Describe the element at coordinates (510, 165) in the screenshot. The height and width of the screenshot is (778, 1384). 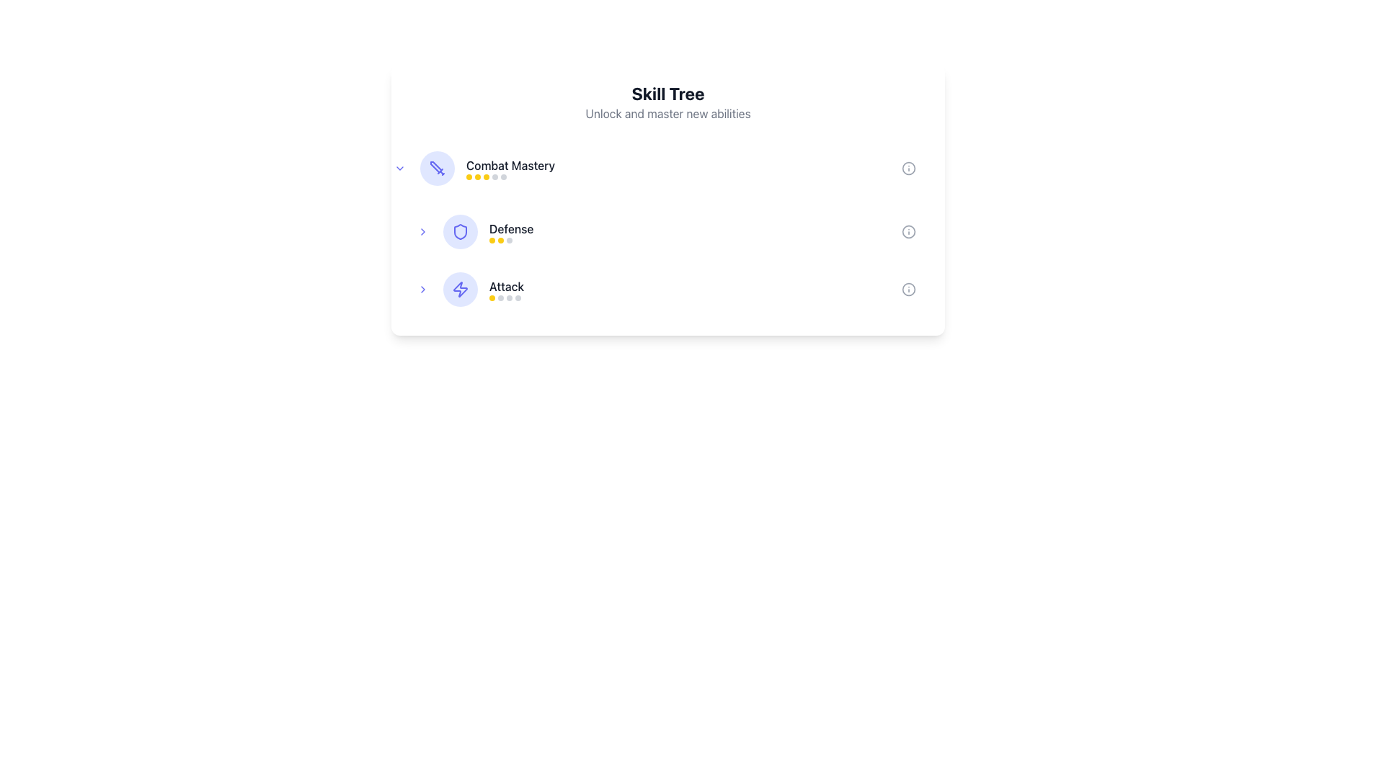
I see `the 'Combat Mastery' text label in the skill tree interface` at that location.